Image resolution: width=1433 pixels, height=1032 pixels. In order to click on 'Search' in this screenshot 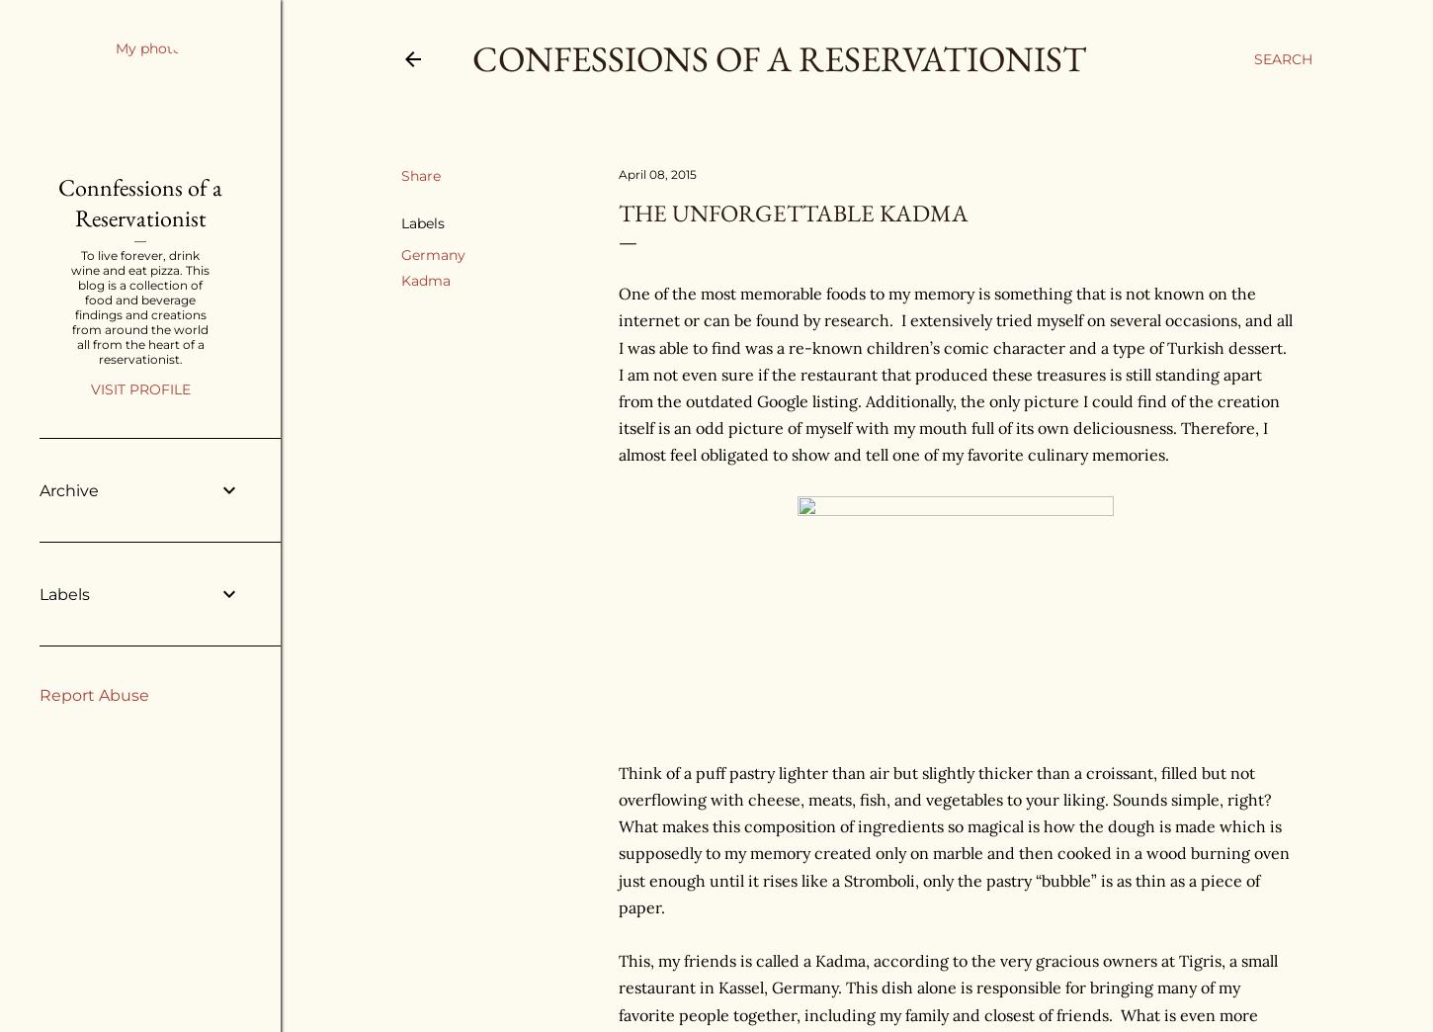, I will do `click(1283, 58)`.